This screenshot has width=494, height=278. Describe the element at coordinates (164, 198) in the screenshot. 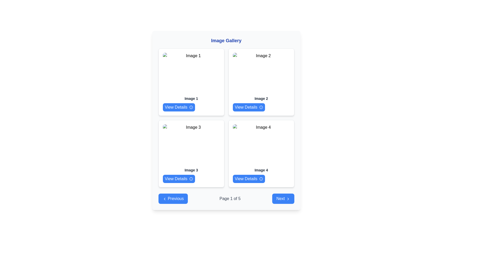

I see `the leftwards-pointing chevron icon within the 'Previous' button located at the bottom left of the interface for a potential context menu` at that location.